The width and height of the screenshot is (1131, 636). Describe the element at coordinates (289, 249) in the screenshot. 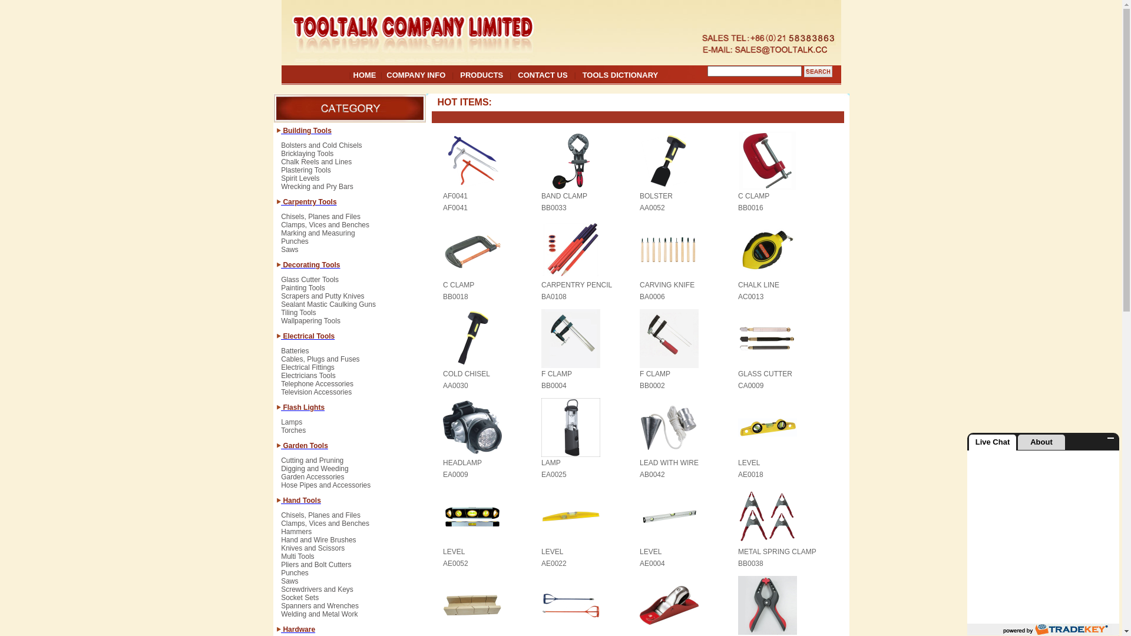

I see `'Saws'` at that location.